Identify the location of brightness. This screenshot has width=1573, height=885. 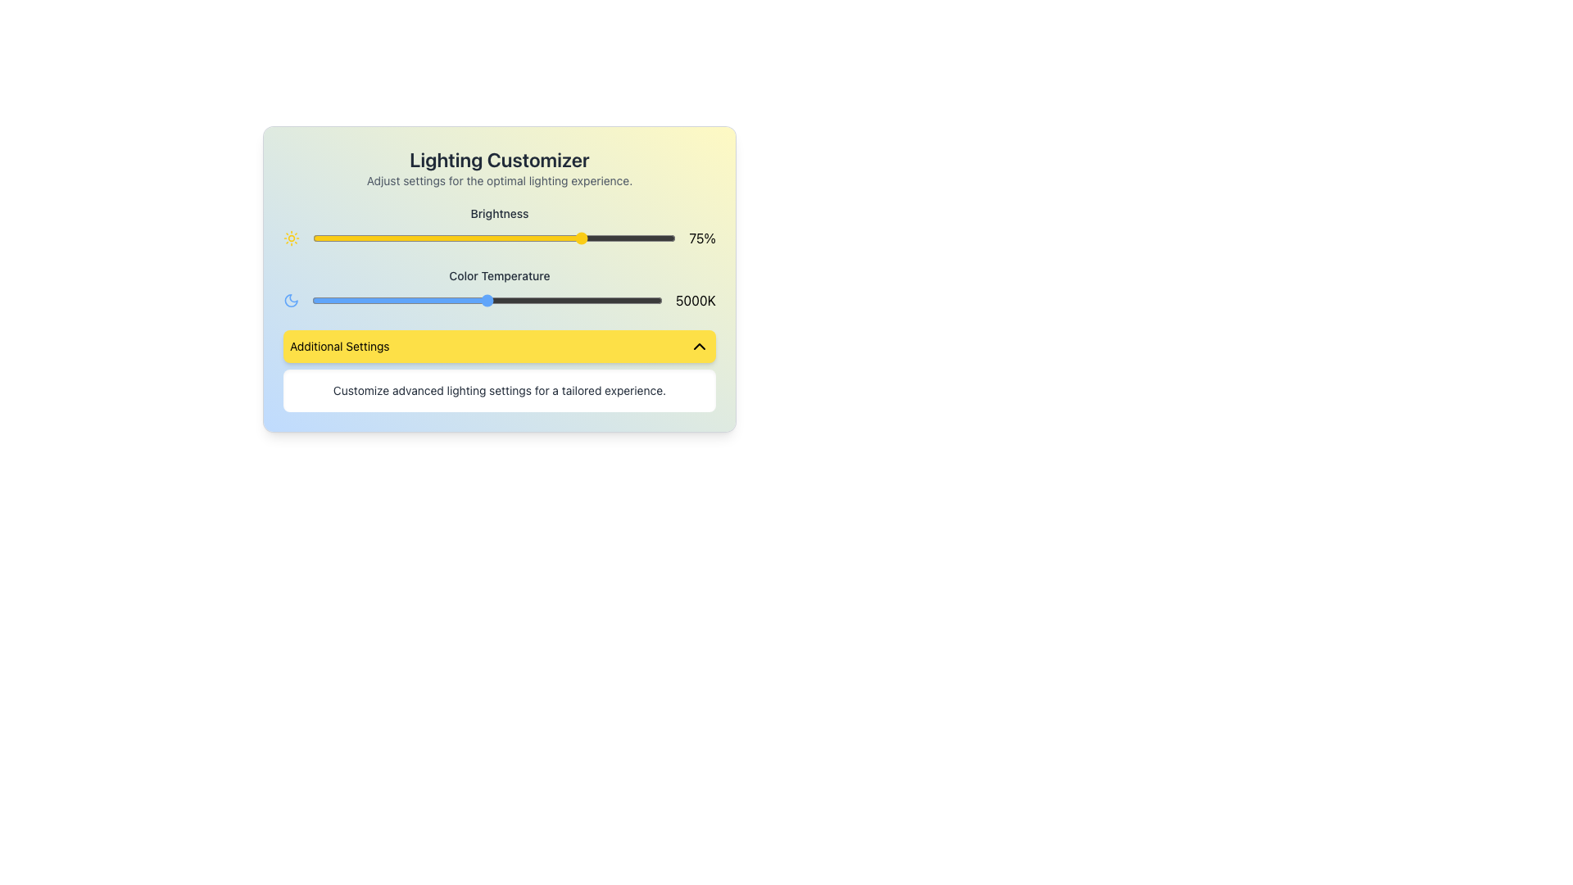
(486, 238).